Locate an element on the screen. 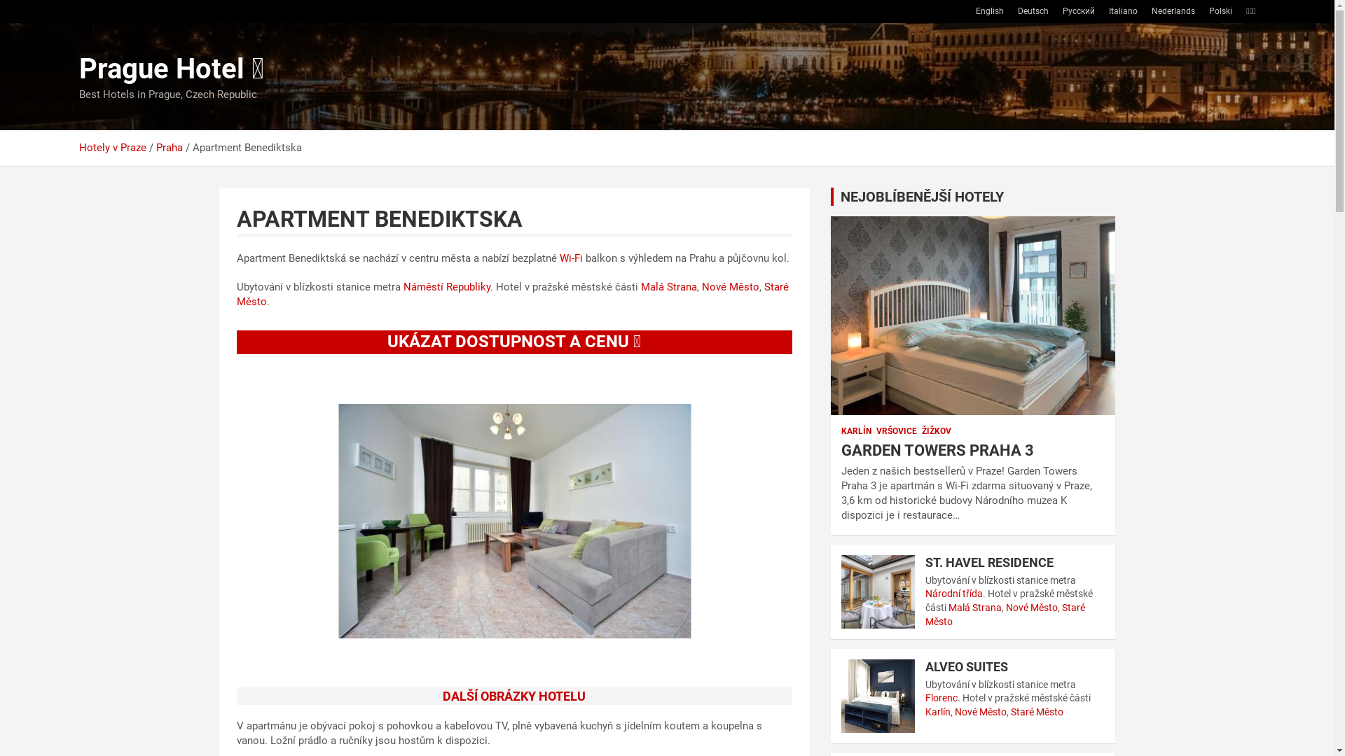  'GARDEN TOWERS PRAHA 3' is located at coordinates (937, 450).